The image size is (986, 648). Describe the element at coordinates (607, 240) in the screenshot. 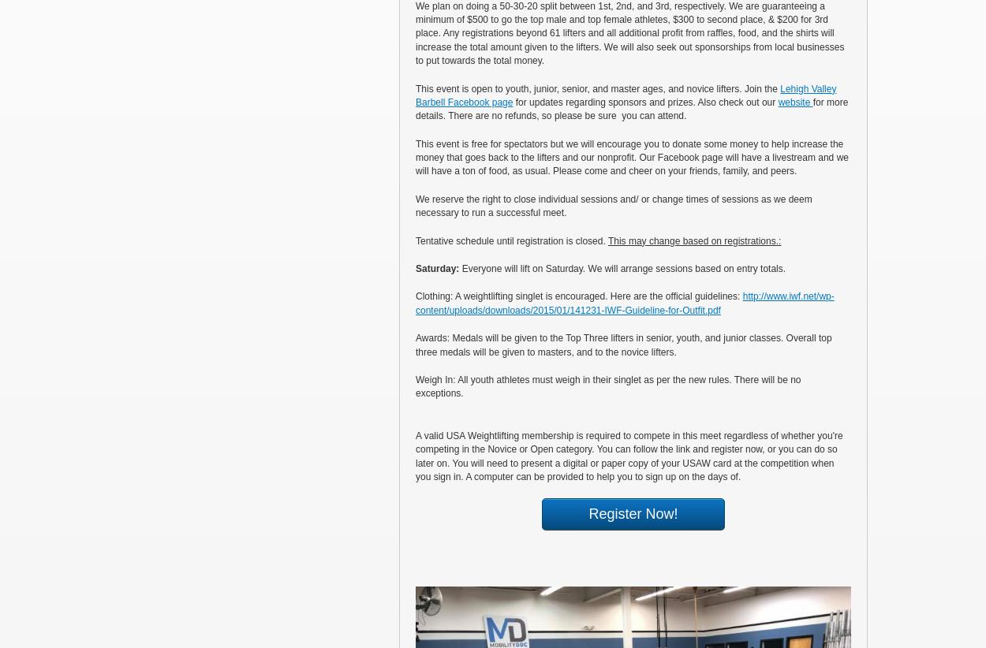

I see `'This may change based on registrations.:'` at that location.